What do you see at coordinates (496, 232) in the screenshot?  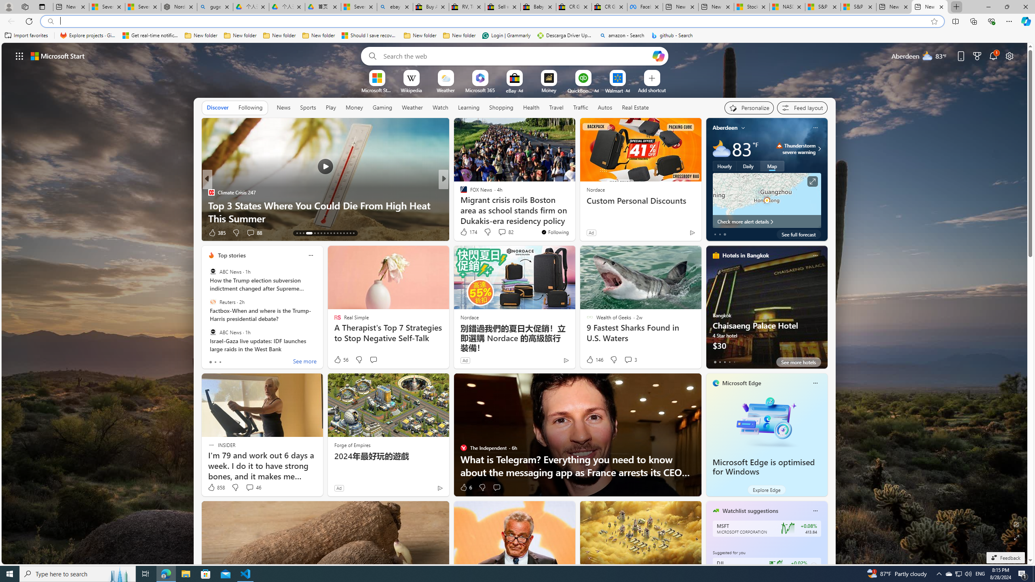 I see `'View comments 10 Comment'` at bounding box center [496, 232].